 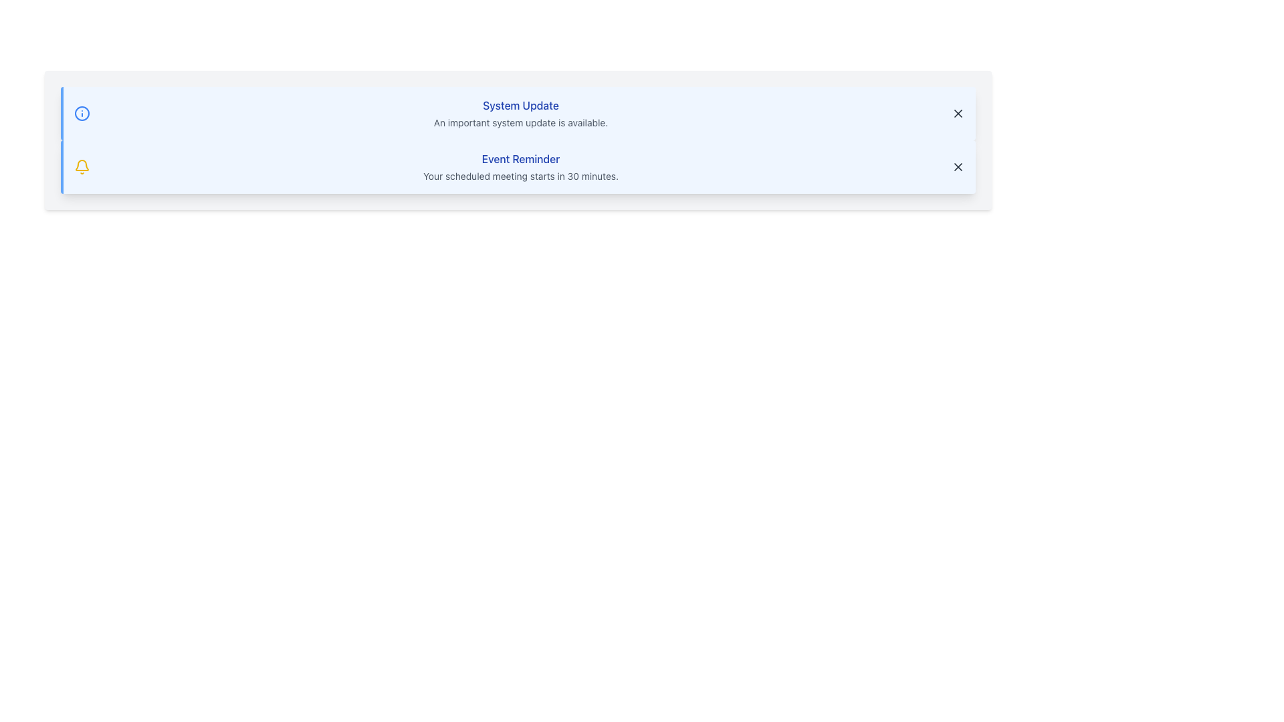 What do you see at coordinates (517, 112) in the screenshot?
I see `the Notification Banner` at bounding box center [517, 112].